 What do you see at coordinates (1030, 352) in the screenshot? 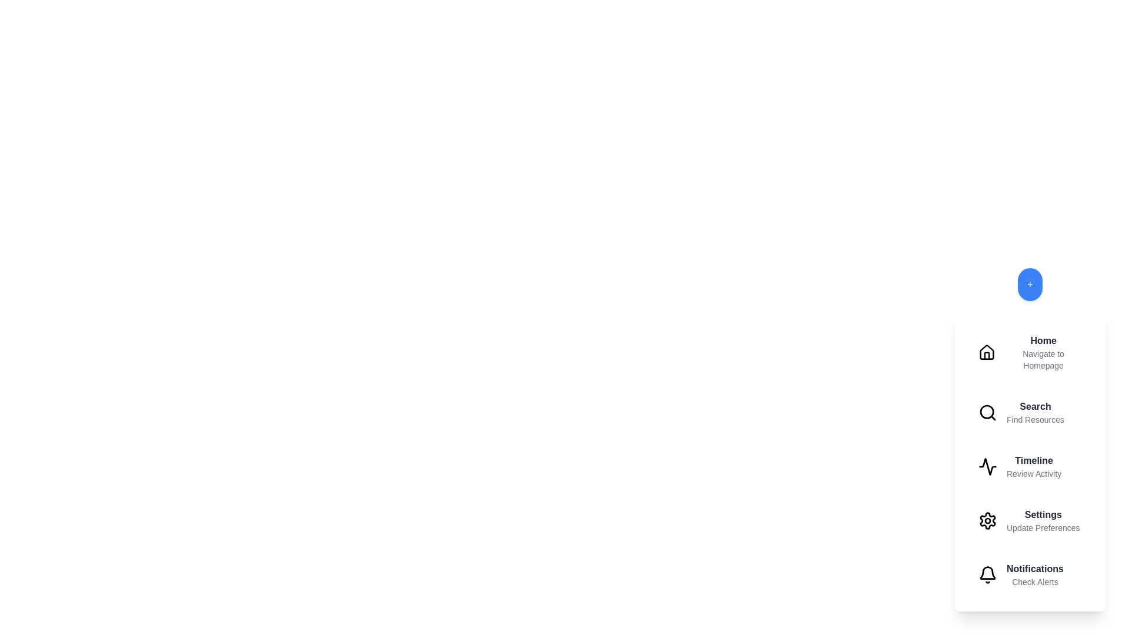
I see `the menu item labeled Home to view its hover effect` at bounding box center [1030, 352].